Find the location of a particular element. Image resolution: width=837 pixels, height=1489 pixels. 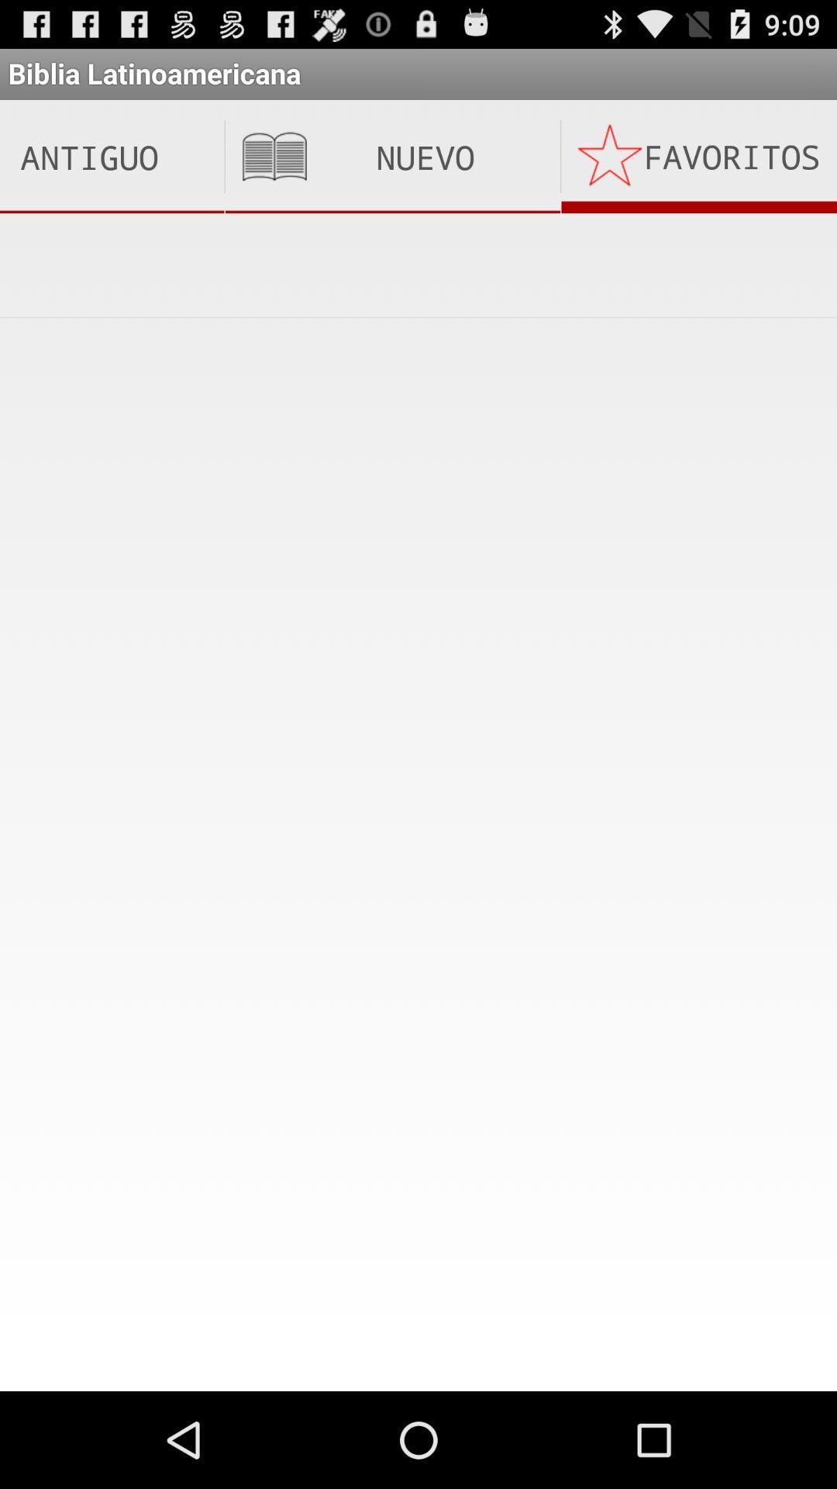

the icon below the biblia latinoamericana app is located at coordinates (699, 157).